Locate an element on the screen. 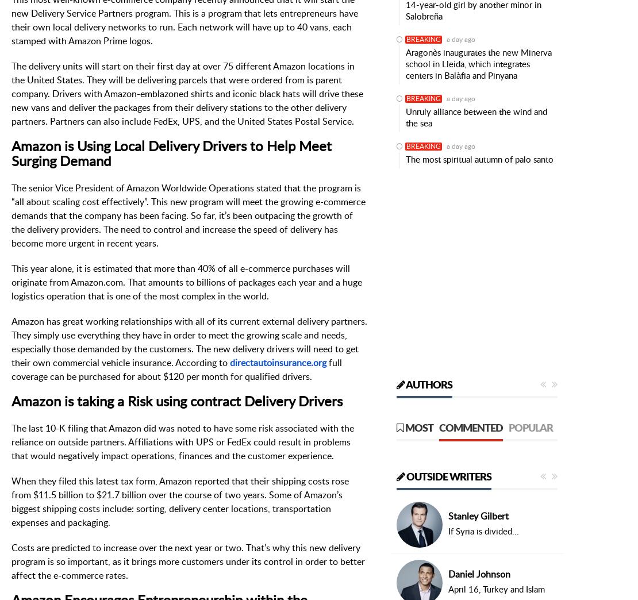  'Daniel Johnson' is located at coordinates (479, 575).